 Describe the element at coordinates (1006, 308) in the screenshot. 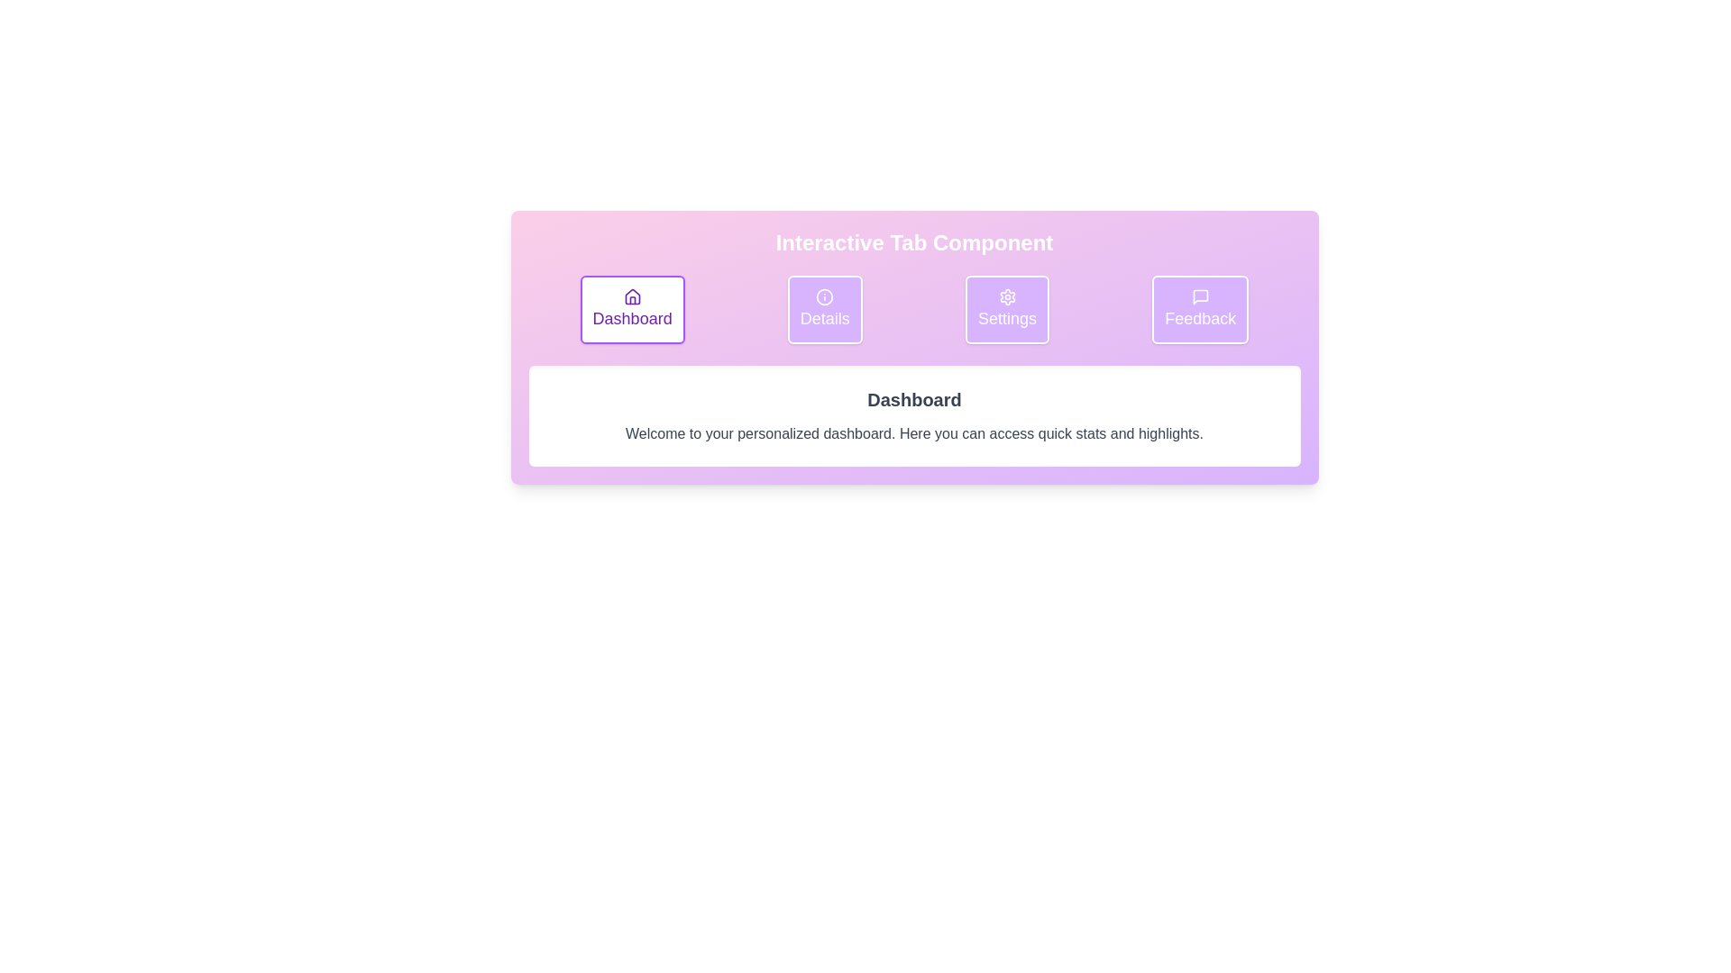

I see `the tab labeled Settings to switch to it` at that location.